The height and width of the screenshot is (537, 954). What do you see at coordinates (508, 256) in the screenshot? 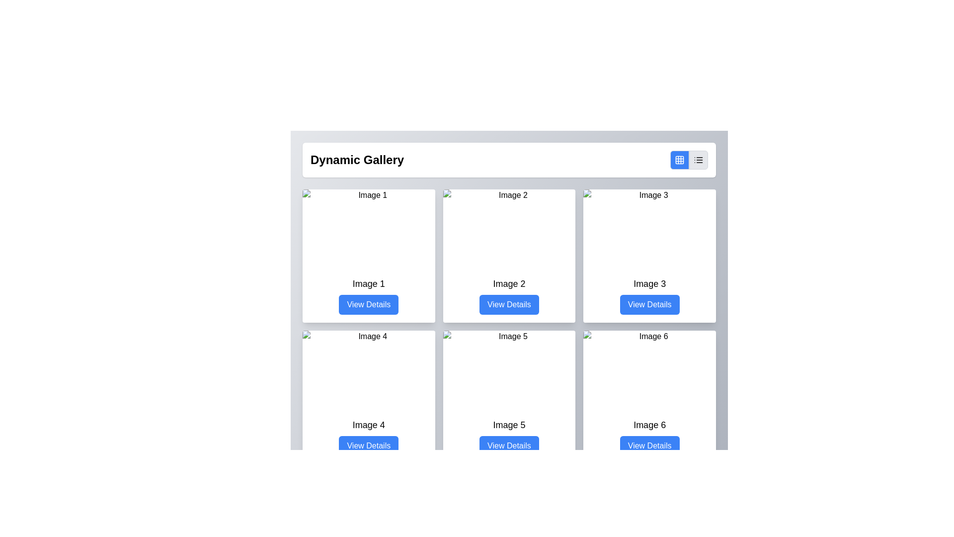
I see `image in the Card component that visually represents 'Image 2', located in the first row and second column of the grid layout` at bounding box center [508, 256].